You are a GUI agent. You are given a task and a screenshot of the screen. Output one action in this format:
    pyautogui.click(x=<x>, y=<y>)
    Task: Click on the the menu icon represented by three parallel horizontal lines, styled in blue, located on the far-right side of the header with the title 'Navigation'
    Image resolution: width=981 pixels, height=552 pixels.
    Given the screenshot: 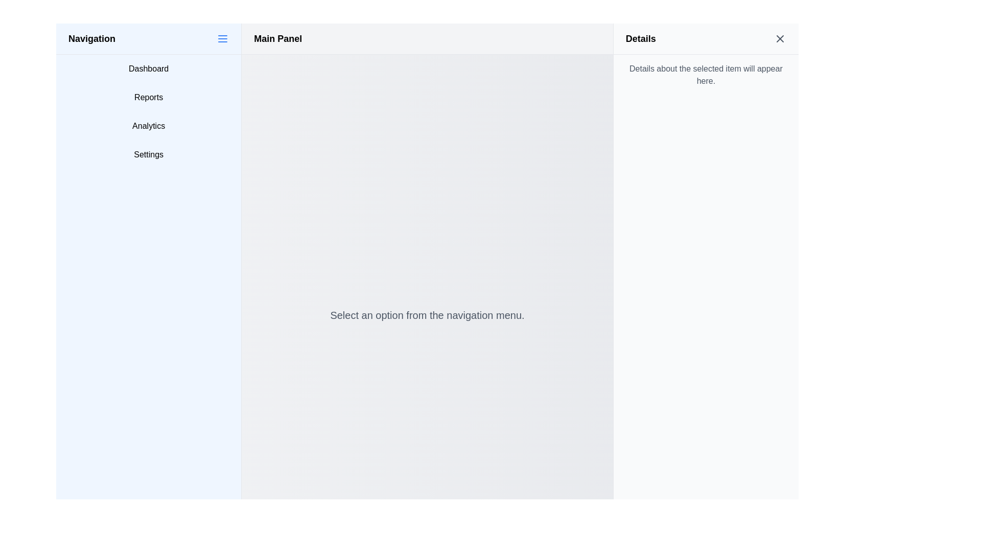 What is the action you would take?
    pyautogui.click(x=222, y=38)
    